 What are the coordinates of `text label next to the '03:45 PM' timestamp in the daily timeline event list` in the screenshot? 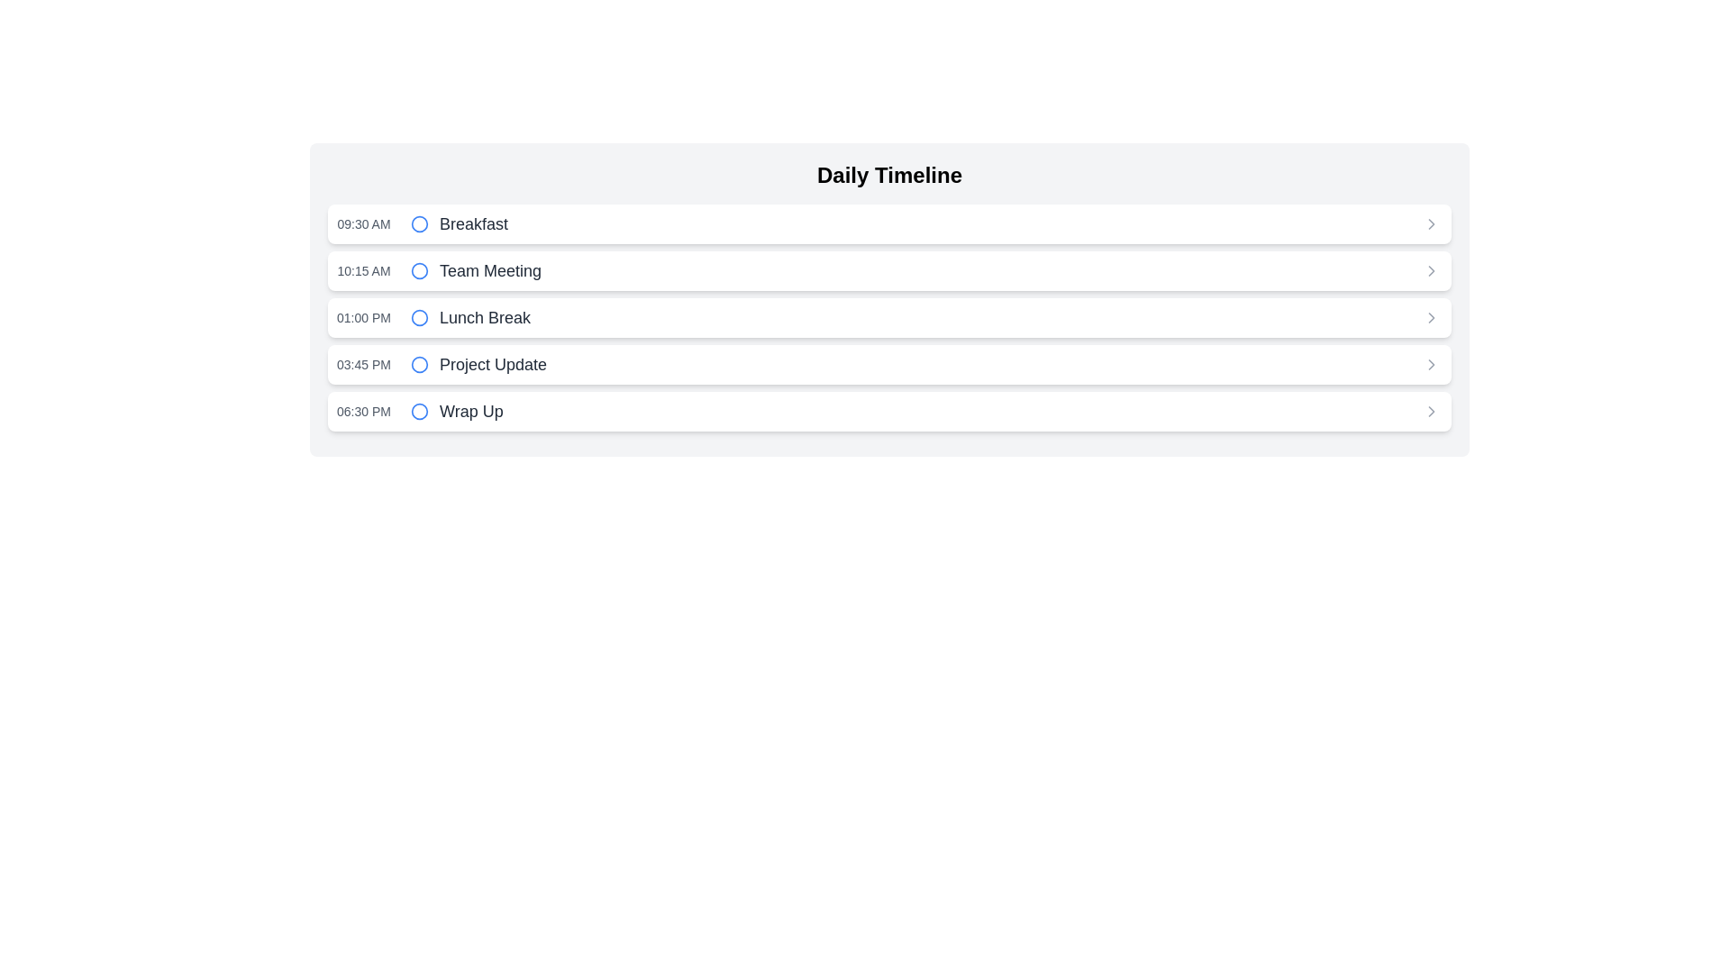 It's located at (493, 365).